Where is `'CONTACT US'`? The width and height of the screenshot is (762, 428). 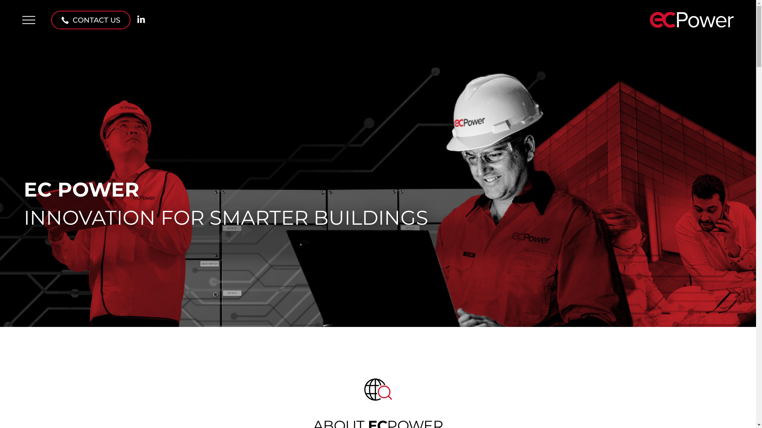
'CONTACT US' is located at coordinates (91, 19).